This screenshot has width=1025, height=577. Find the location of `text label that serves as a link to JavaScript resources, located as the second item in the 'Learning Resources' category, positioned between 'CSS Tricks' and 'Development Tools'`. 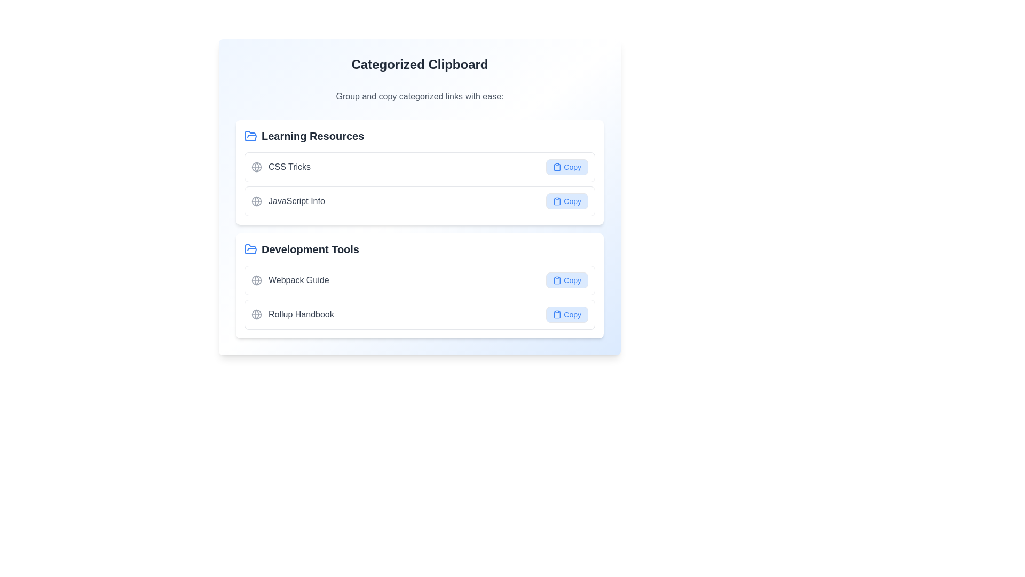

text label that serves as a link to JavaScript resources, located as the second item in the 'Learning Resources' category, positioned between 'CSS Tricks' and 'Development Tools' is located at coordinates (288, 201).